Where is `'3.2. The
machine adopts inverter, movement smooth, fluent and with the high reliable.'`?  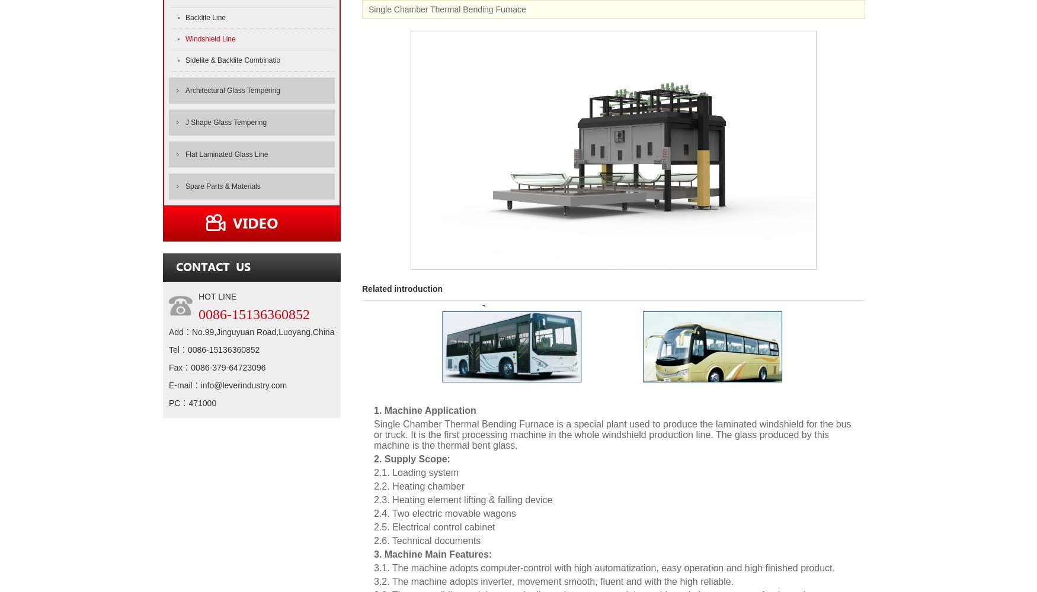 '3.2. The
machine adopts inverter, movement smooth, fluent and with the high reliable.' is located at coordinates (553, 581).